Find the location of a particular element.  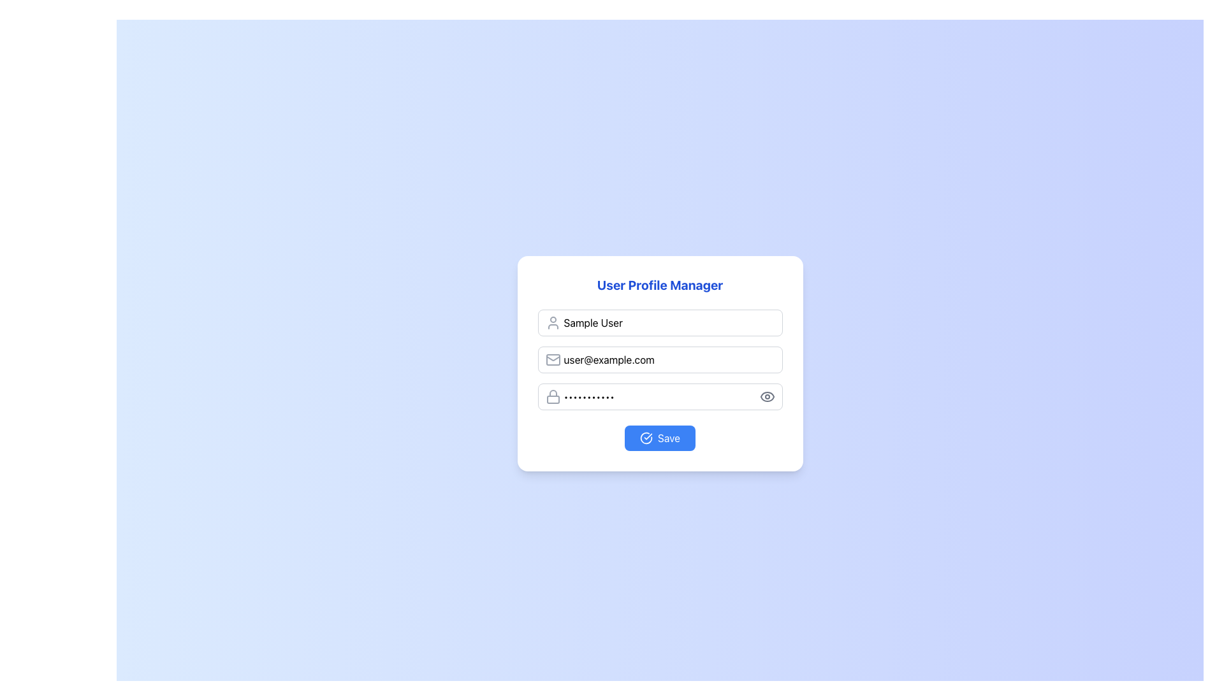

the eye-shaped icon visibility toggle located on the right side of the password input field, which is styled with a minimal aesthetic and has a gray color with a thin outline is located at coordinates (766, 396).